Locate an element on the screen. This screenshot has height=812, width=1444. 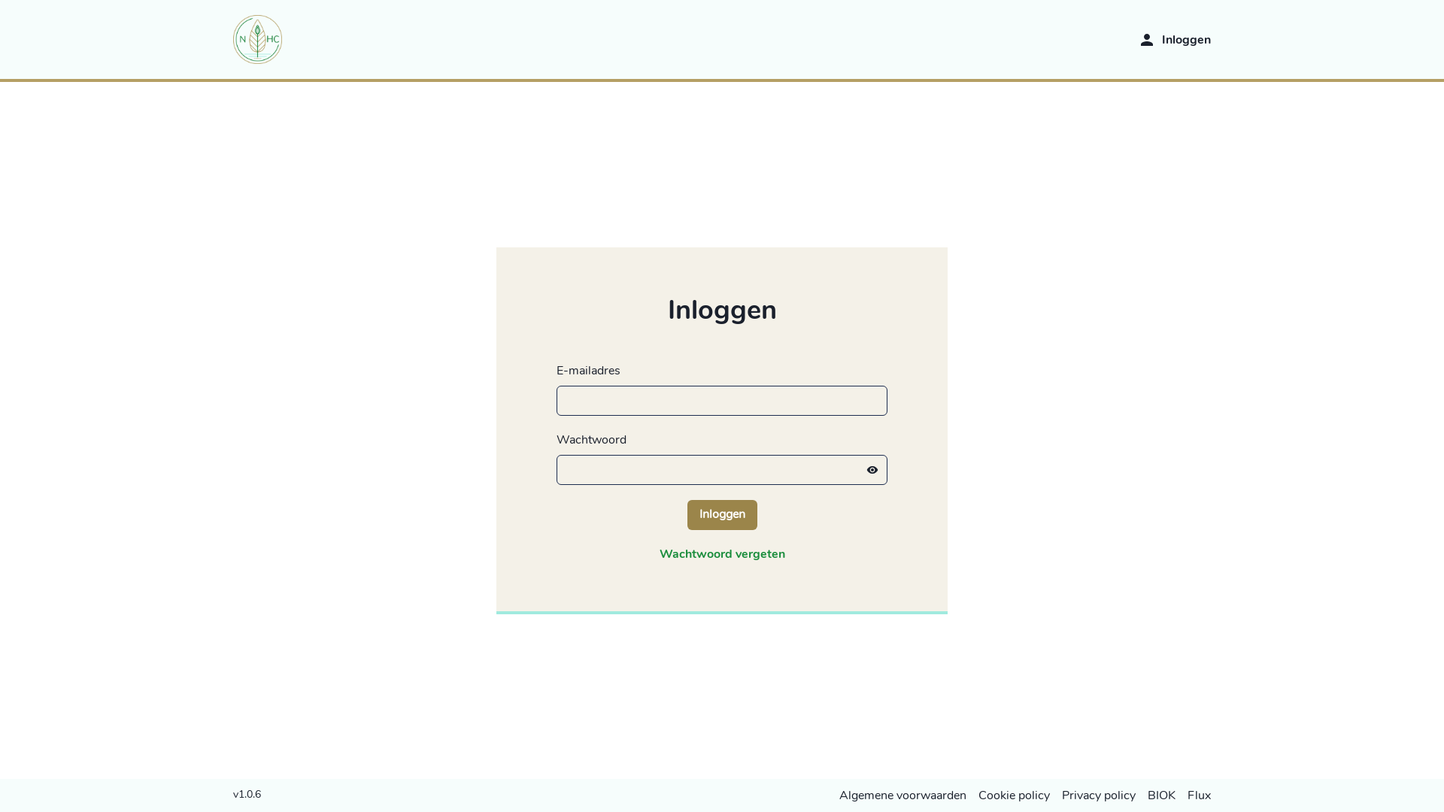
'Wachtwoord vergeten' is located at coordinates (720, 553).